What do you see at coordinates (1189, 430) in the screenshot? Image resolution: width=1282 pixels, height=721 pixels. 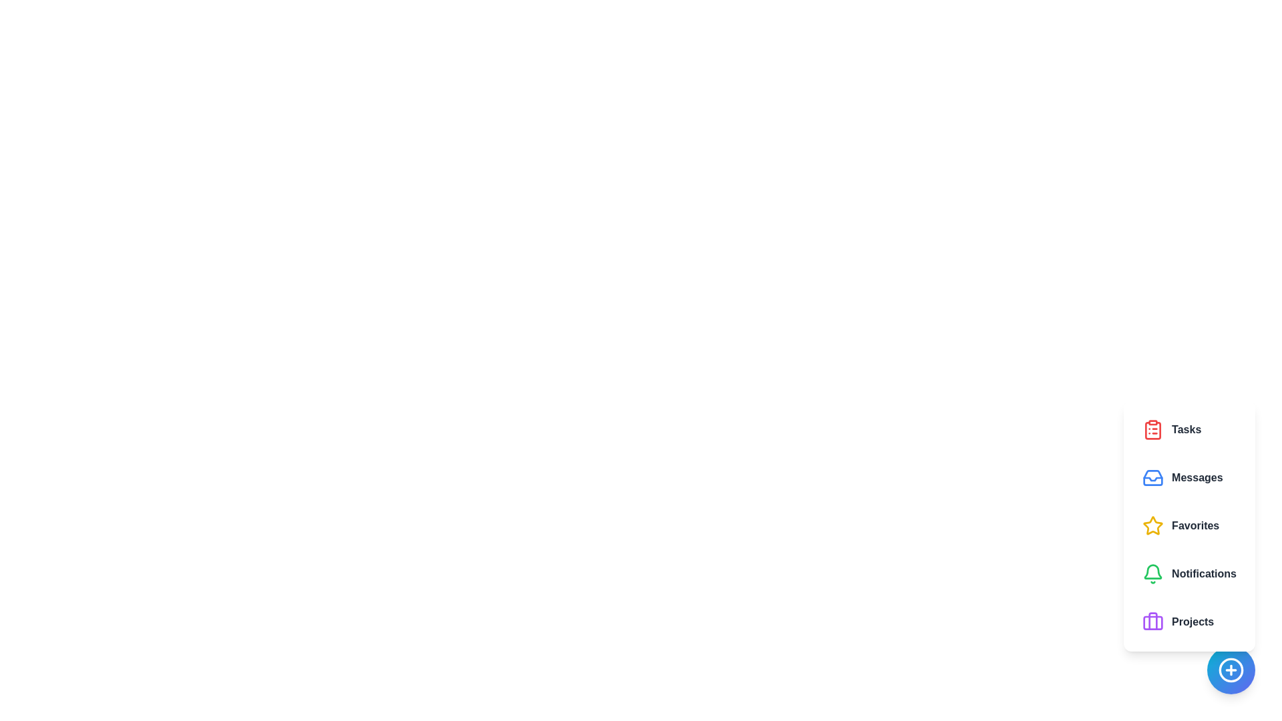 I see `the feature button corresponding to Tasks` at bounding box center [1189, 430].